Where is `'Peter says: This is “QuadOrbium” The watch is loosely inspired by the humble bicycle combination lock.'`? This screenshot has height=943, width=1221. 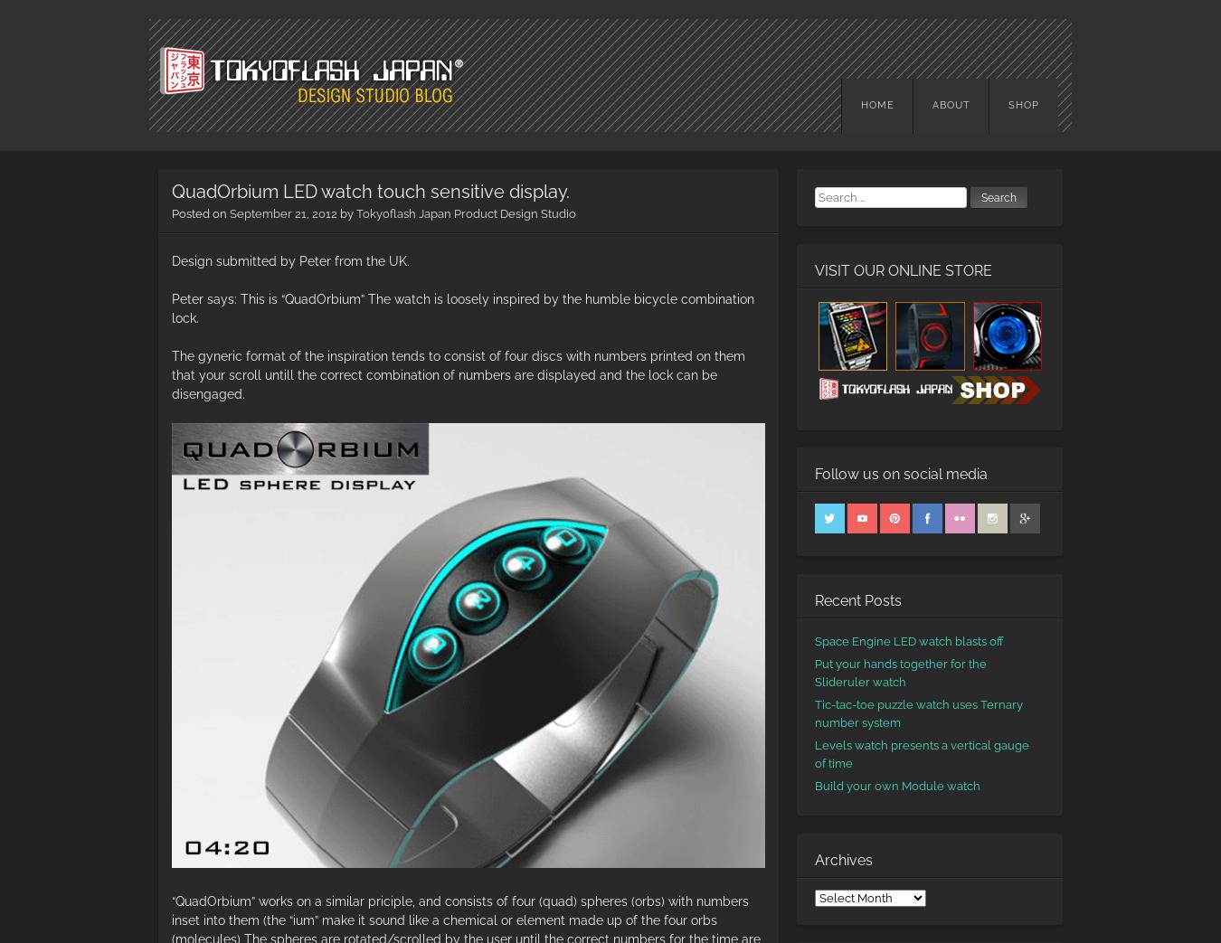
'Peter says: This is “QuadOrbium” The watch is loosely inspired by the humble bicycle combination lock.' is located at coordinates (462, 306).